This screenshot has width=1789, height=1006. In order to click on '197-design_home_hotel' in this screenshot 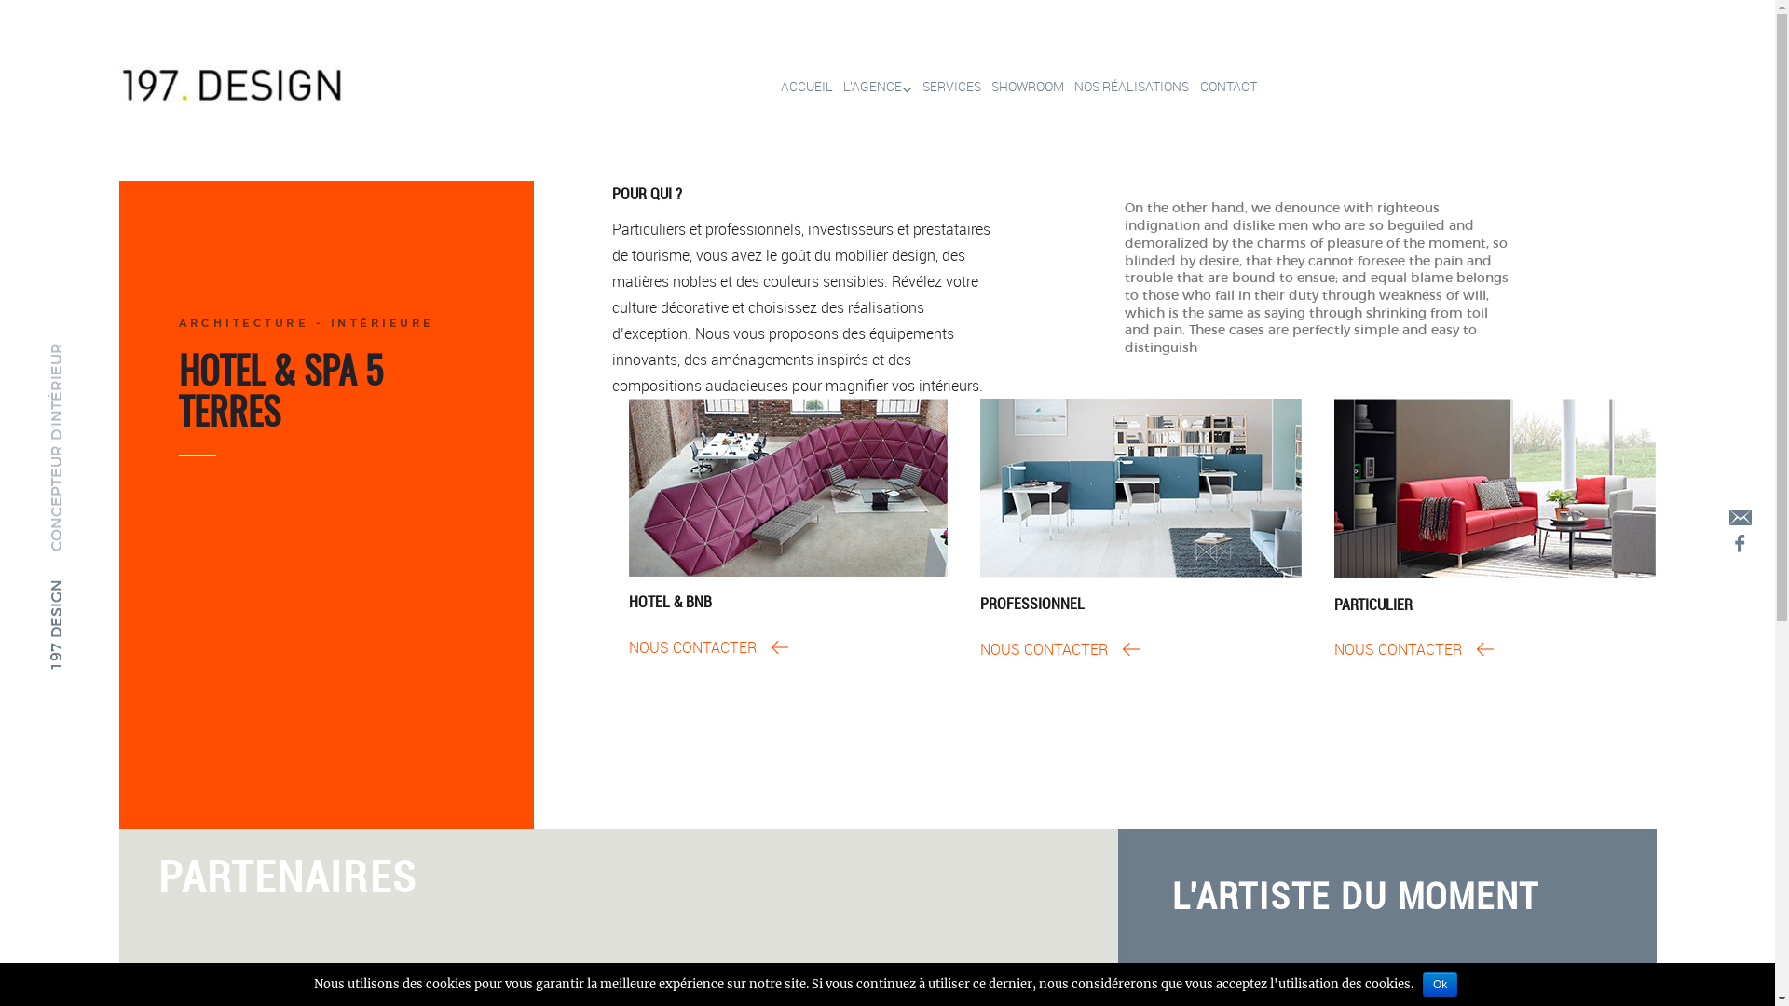, I will do `click(787, 486)`.